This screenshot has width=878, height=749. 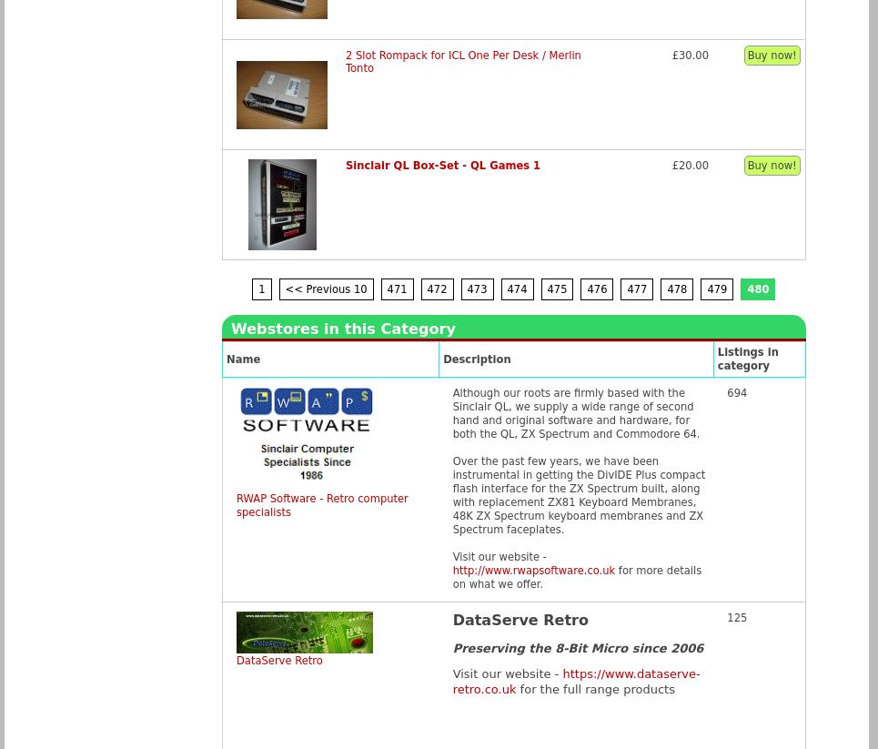 What do you see at coordinates (556, 288) in the screenshot?
I see `'475'` at bounding box center [556, 288].